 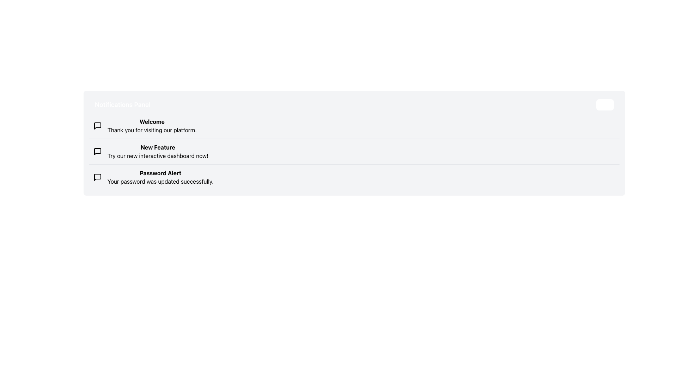 What do you see at coordinates (160, 177) in the screenshot?
I see `notification displayed in the Text Block that states 'Password Alert' and 'Your password was updated successfully.'` at bounding box center [160, 177].